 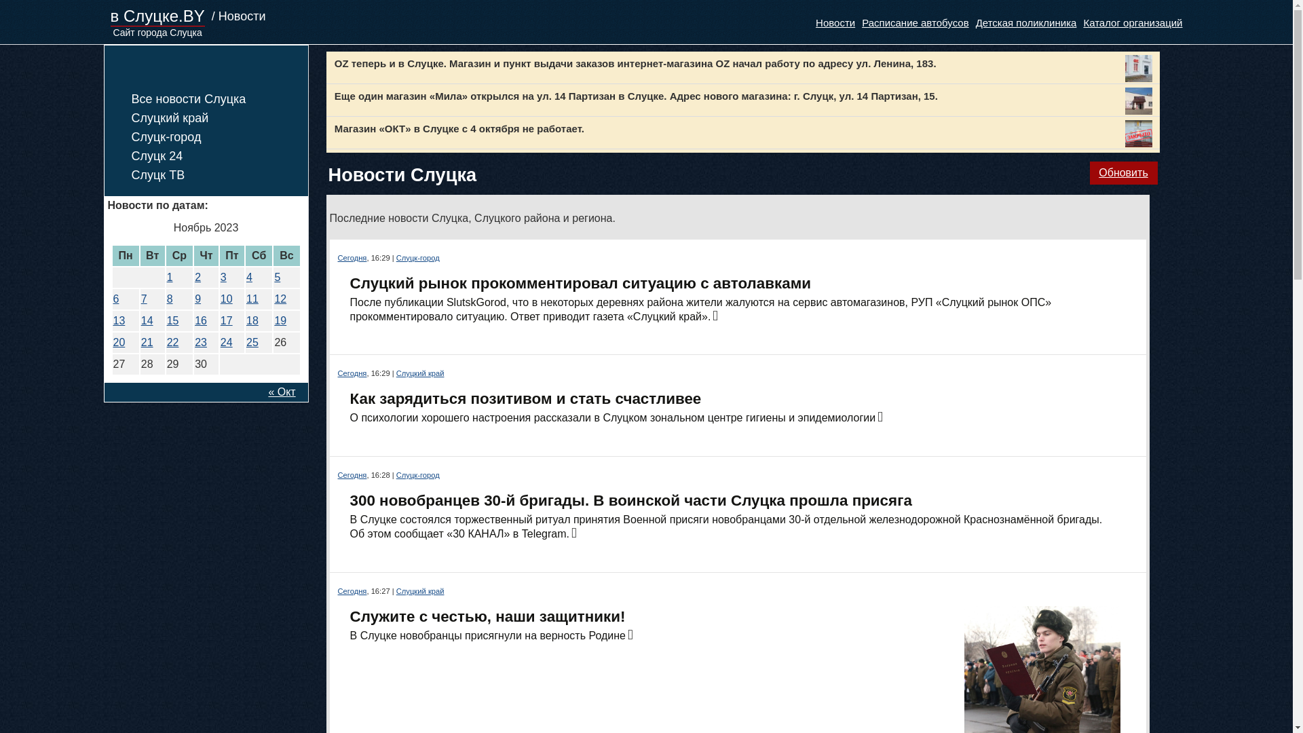 What do you see at coordinates (227, 341) in the screenshot?
I see `'24'` at bounding box center [227, 341].